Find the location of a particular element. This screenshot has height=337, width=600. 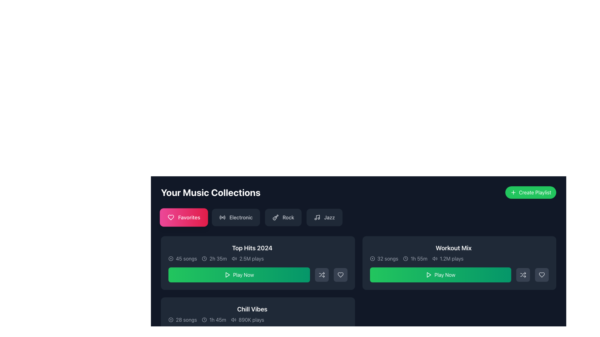

the plus icon for the 'Create Playlist' button located to the left of the text within the green button in the top-right corner of the interface is located at coordinates (513, 192).